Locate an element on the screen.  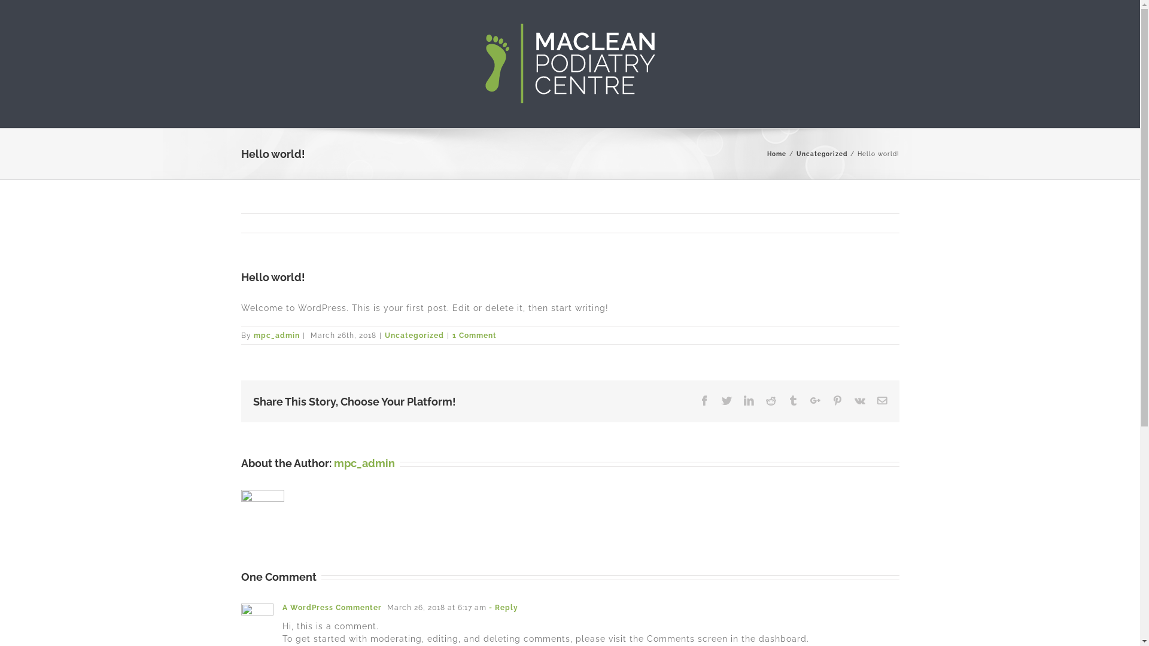
'Facebook' is located at coordinates (704, 401).